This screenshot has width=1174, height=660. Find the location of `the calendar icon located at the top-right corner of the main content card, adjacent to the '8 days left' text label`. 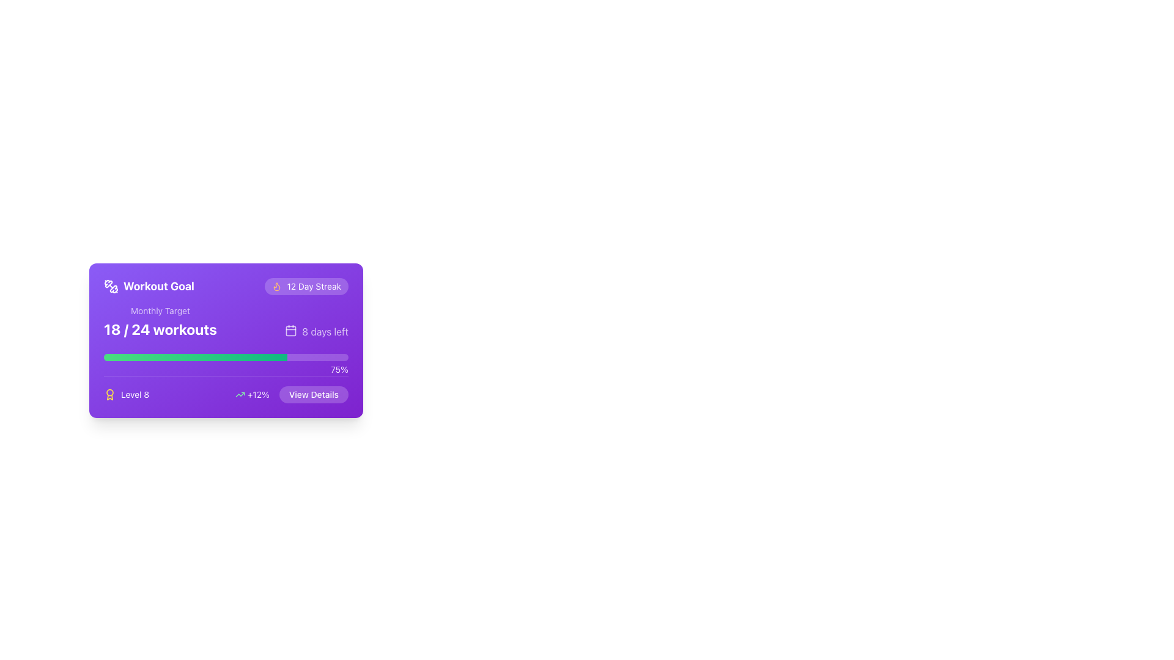

the calendar icon located at the top-right corner of the main content card, adjacent to the '8 days left' text label is located at coordinates (290, 331).